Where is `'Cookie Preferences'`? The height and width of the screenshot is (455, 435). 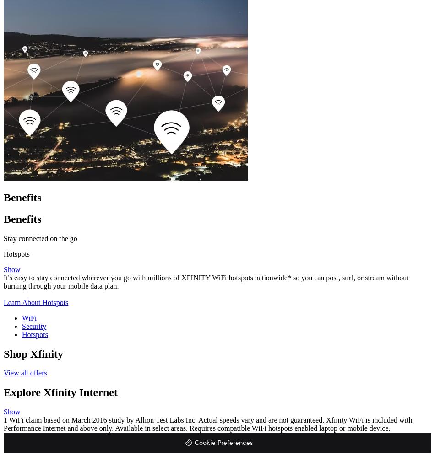 'Cookie Preferences' is located at coordinates (223, 443).